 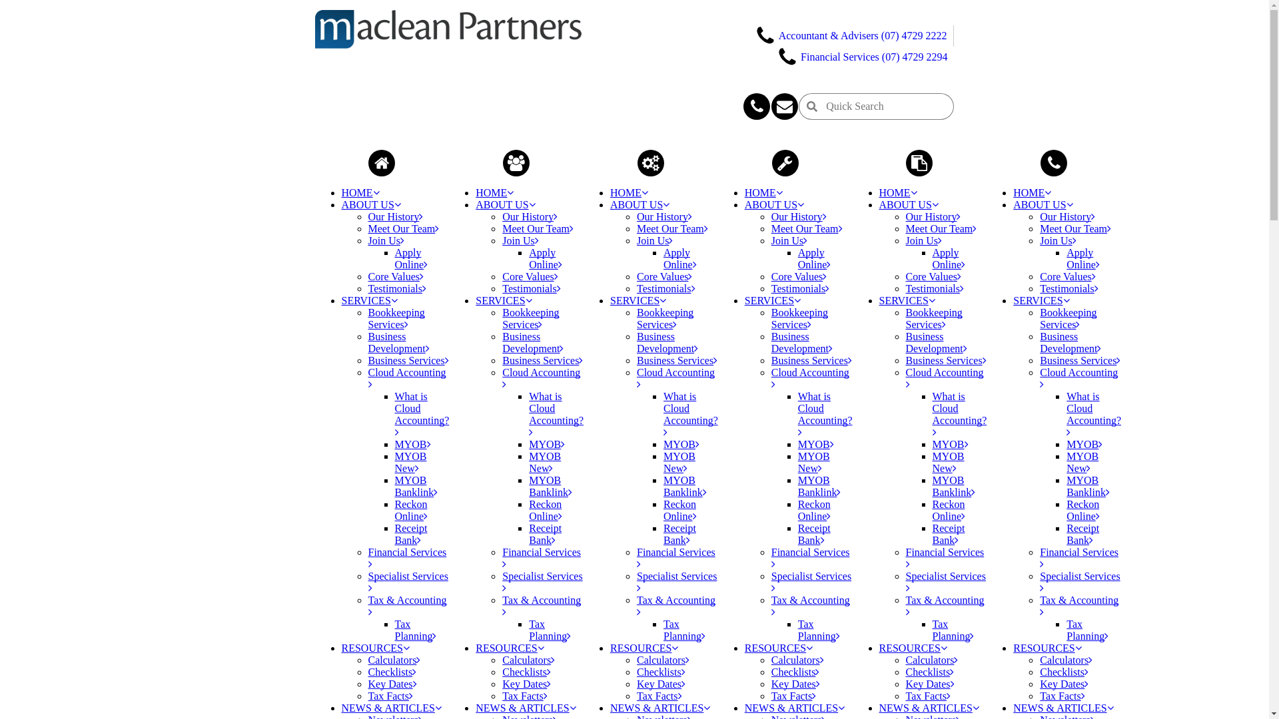 What do you see at coordinates (818, 629) in the screenshot?
I see `'Tax Planning'` at bounding box center [818, 629].